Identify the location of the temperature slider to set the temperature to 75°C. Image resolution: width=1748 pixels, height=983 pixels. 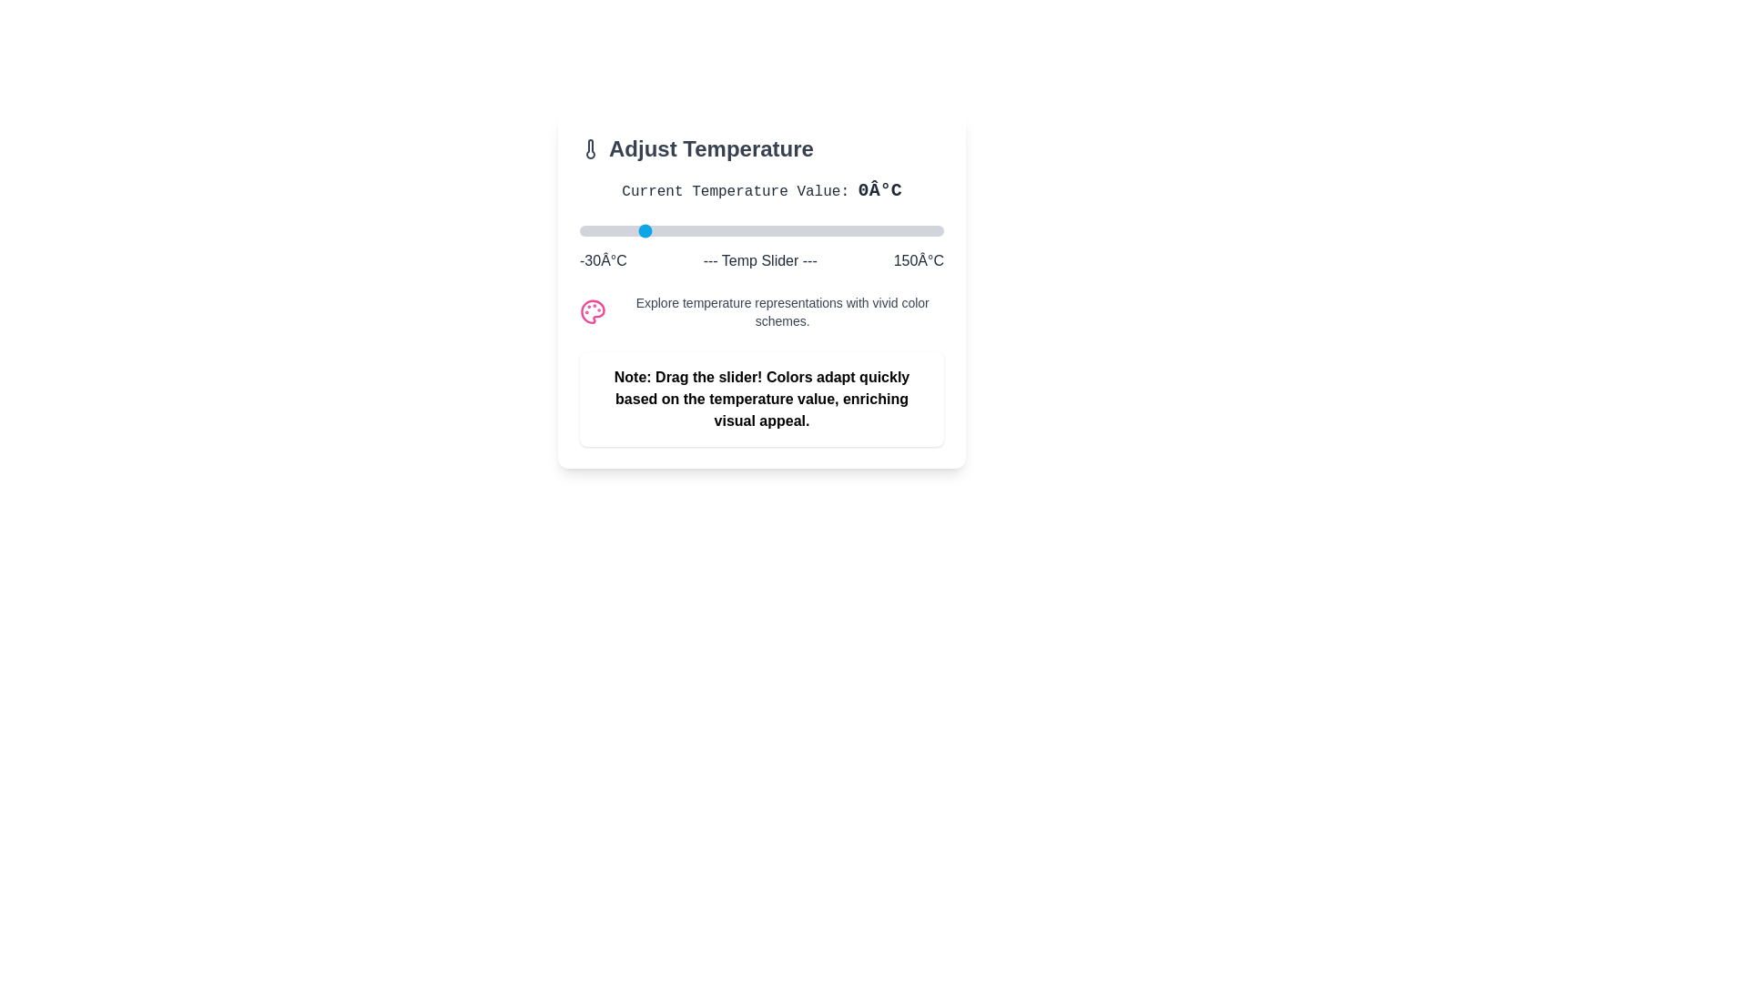
(792, 230).